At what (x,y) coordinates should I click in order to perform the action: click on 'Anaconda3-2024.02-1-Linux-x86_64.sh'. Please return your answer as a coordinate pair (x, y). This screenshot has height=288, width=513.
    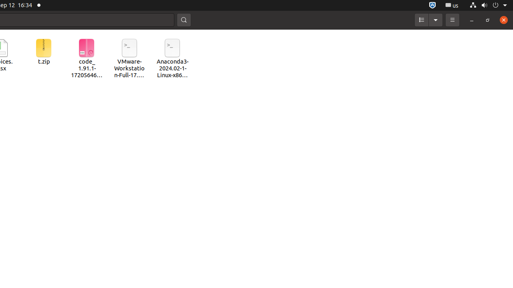
    Looking at the image, I should click on (172, 58).